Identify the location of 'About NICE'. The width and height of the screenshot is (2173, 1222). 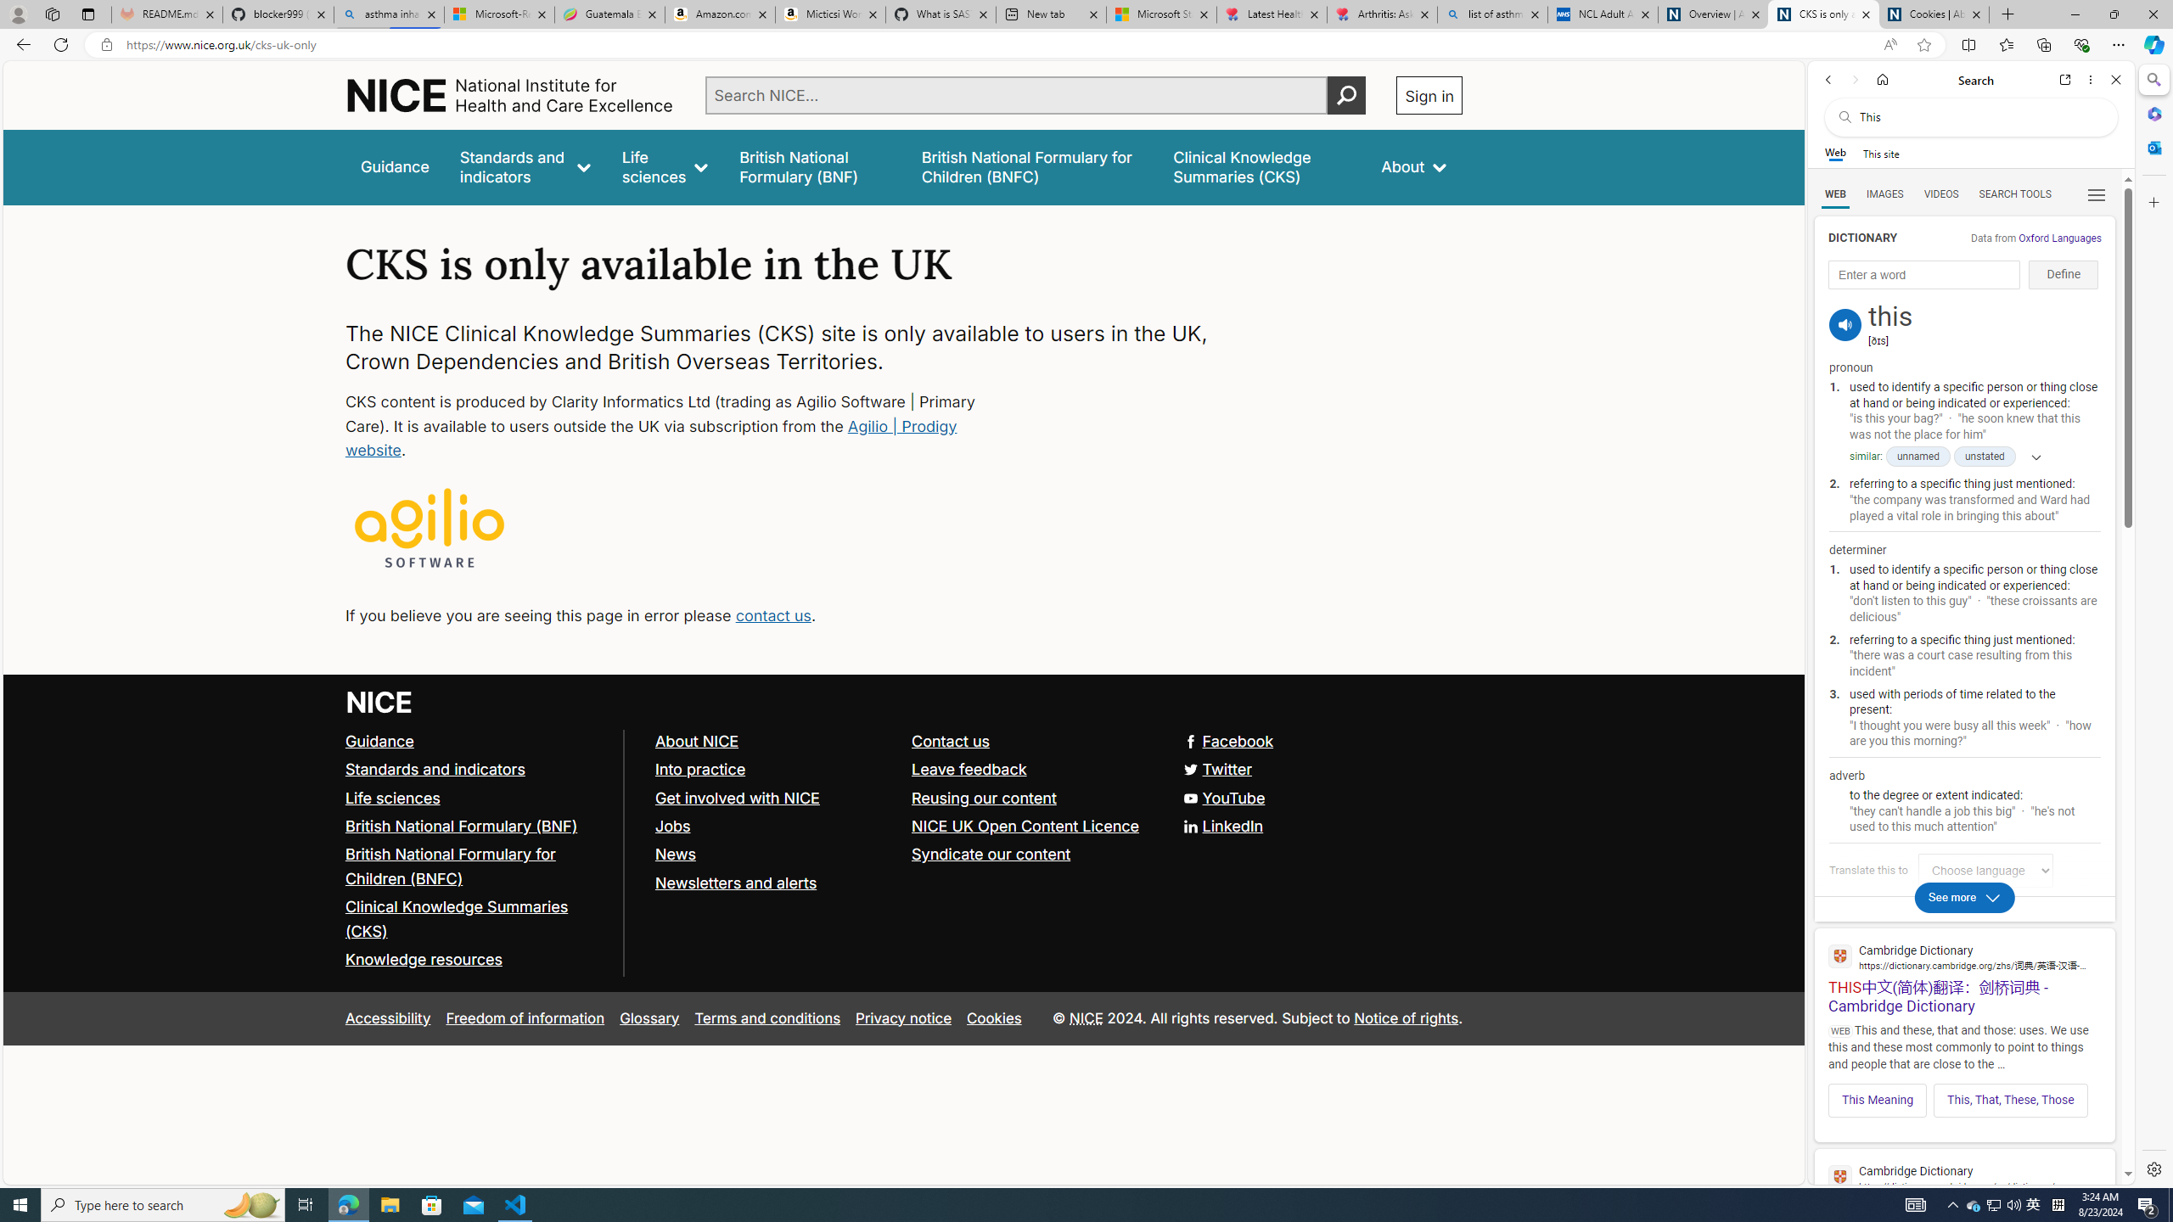
(695, 741).